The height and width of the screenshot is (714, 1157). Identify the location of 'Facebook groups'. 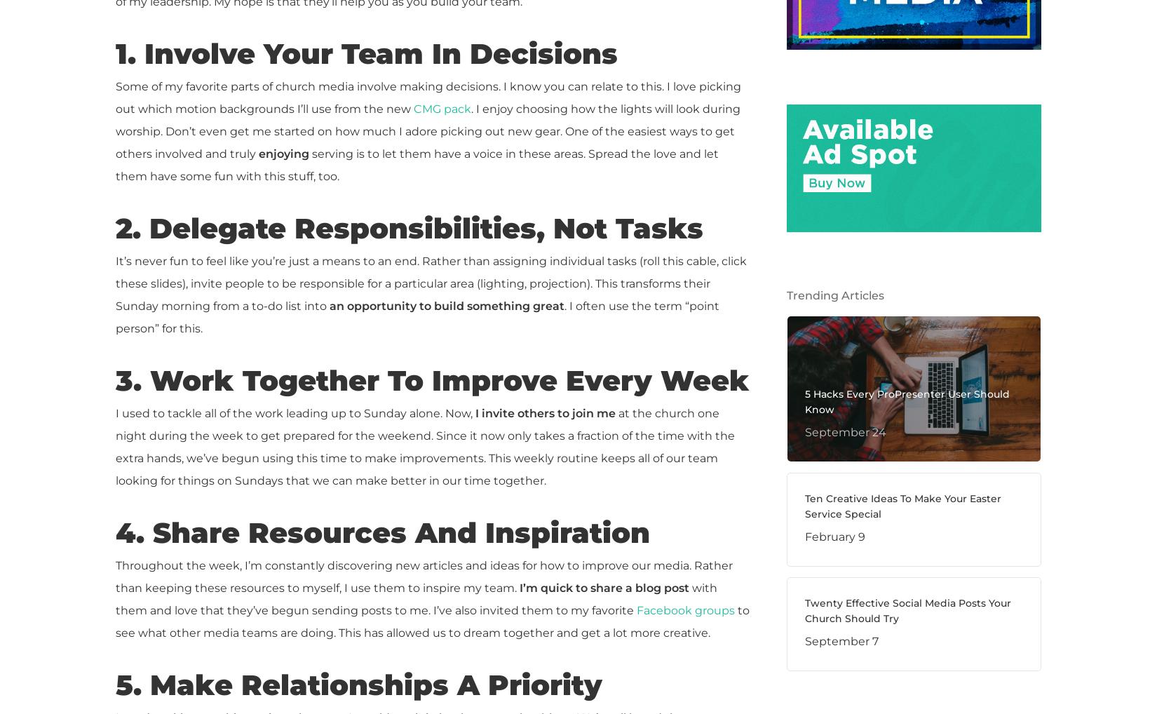
(685, 610).